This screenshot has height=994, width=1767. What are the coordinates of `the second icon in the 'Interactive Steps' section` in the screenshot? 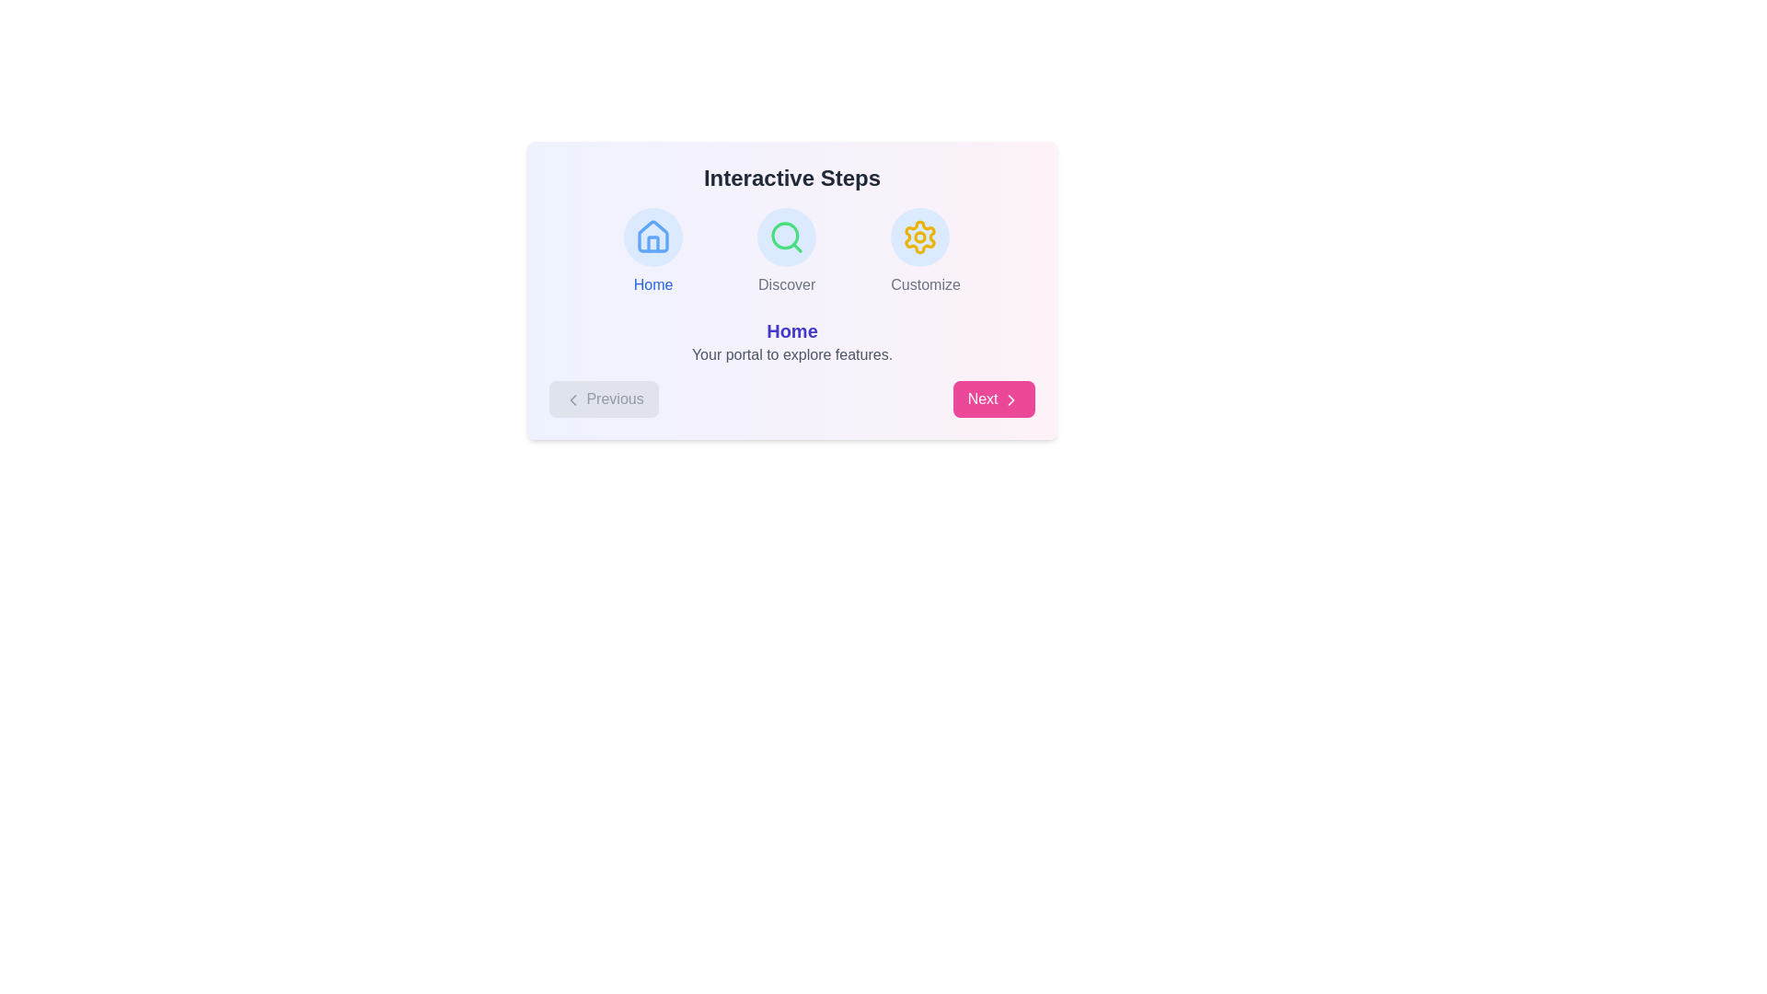 It's located at (787, 237).